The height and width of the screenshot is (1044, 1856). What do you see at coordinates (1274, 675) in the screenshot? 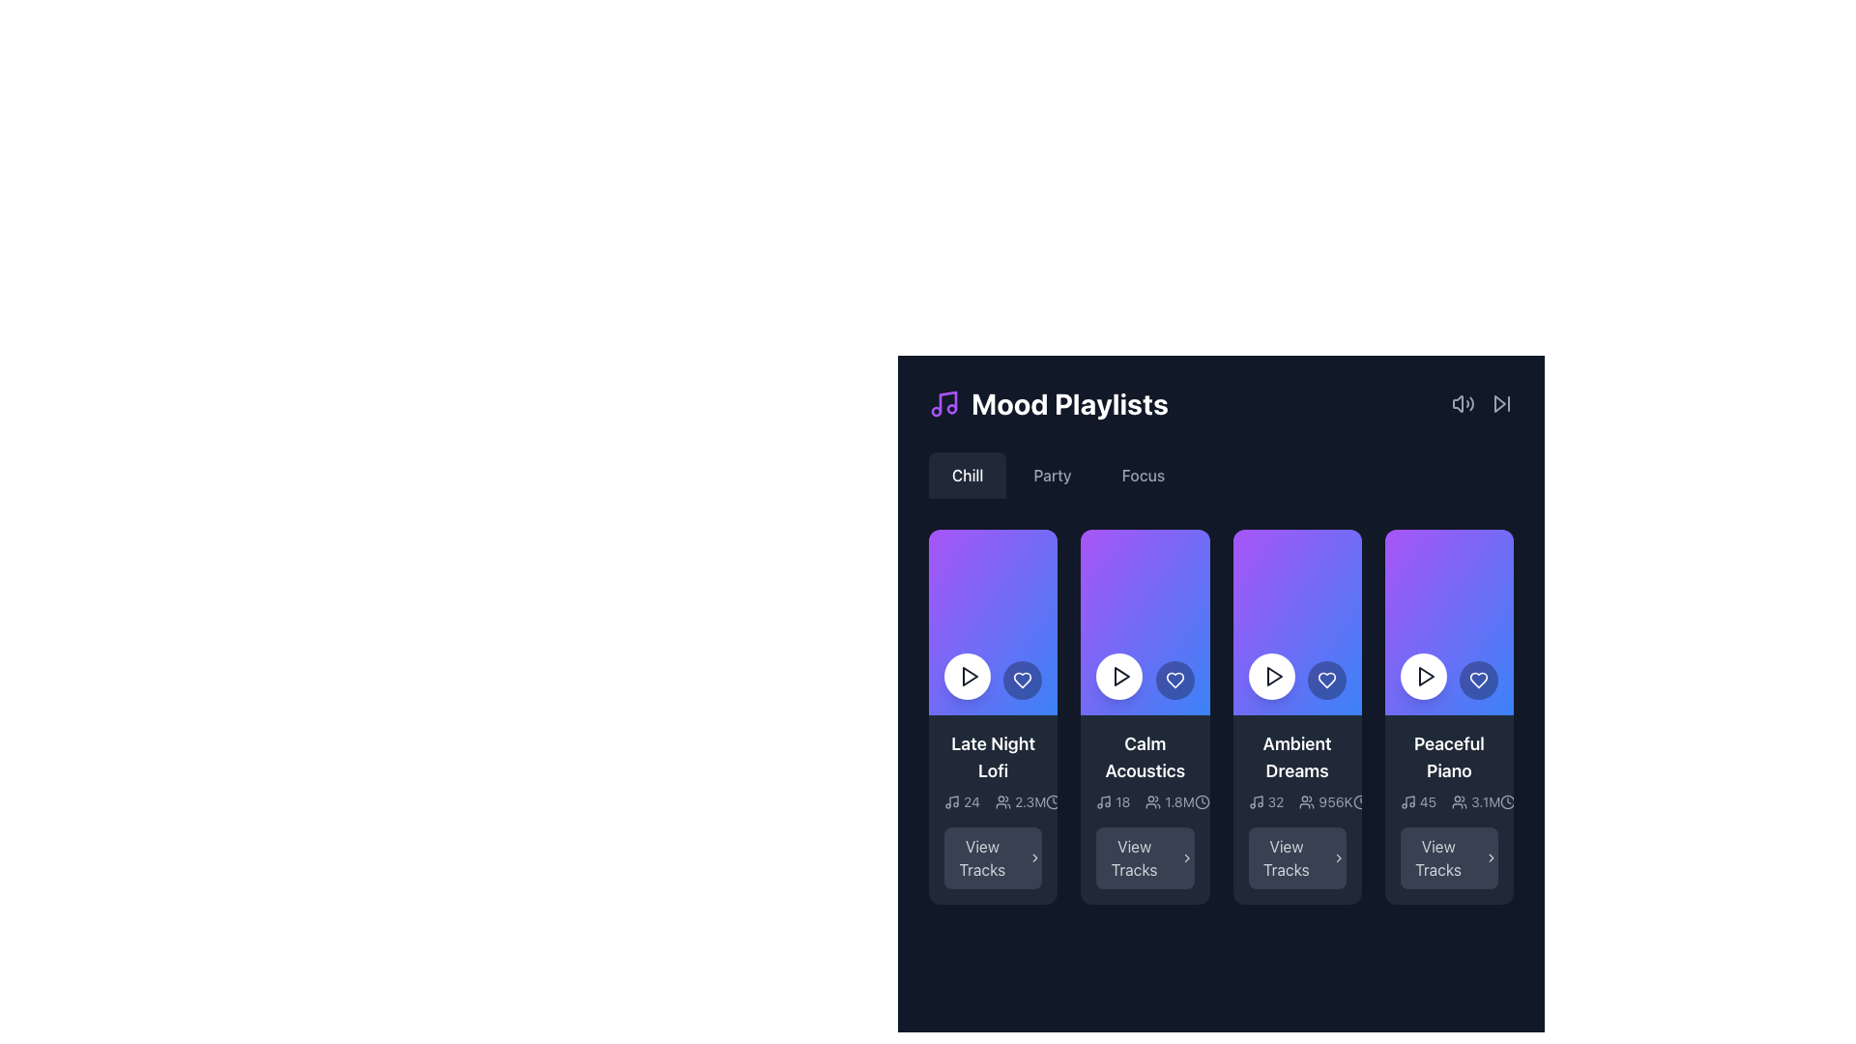
I see `the small triangular play icon with a filled center, located within the 'Ambient Dreams' playlist card under the 'Mood Playlists' section, to play the playlist` at bounding box center [1274, 675].